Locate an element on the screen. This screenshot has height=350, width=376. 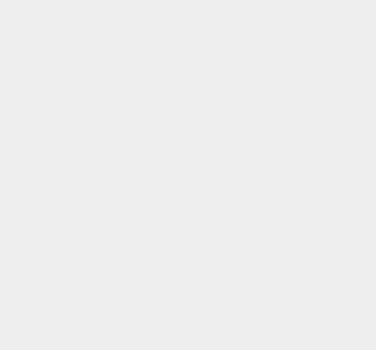
'Google Music' is located at coordinates (279, 20).